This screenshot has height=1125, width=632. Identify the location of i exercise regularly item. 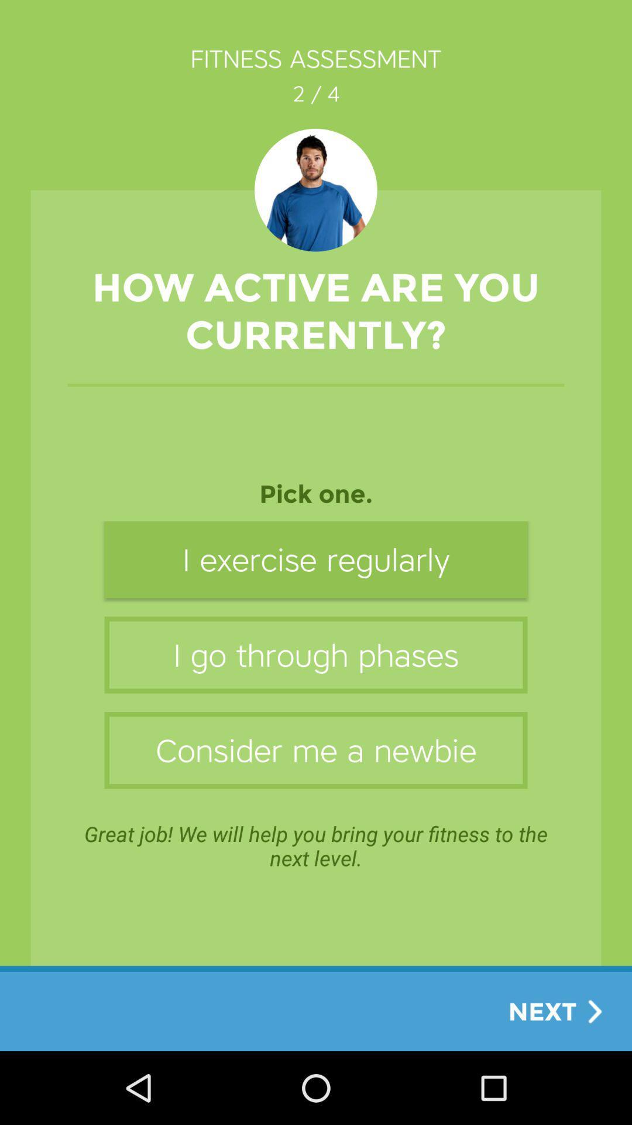
(316, 559).